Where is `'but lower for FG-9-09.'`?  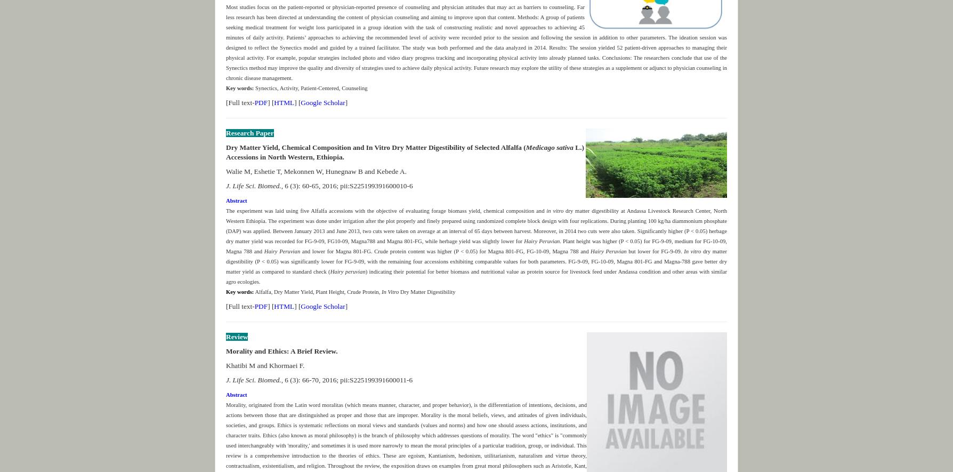
'but lower for FG-9-09.' is located at coordinates (655, 250).